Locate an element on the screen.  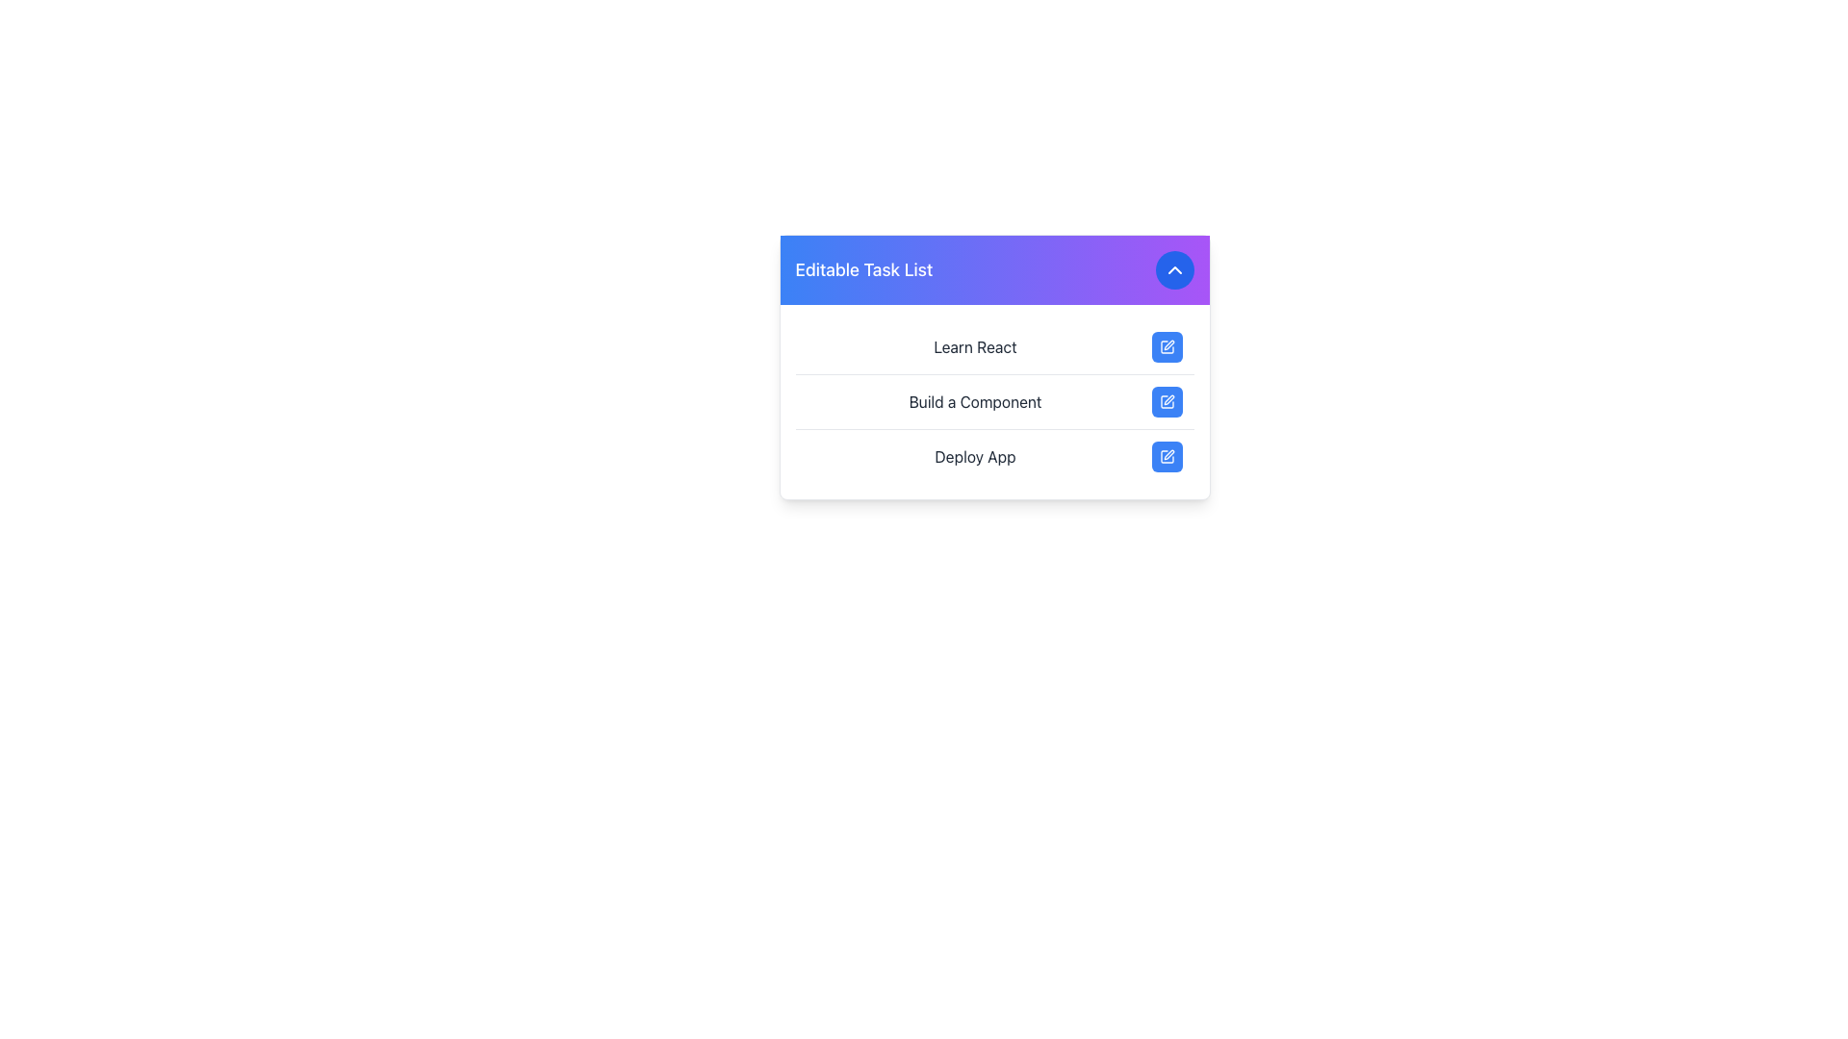
the static text element that displays 'Build a Component', which is the second item in a vertical list of tasks is located at coordinates (975, 400).